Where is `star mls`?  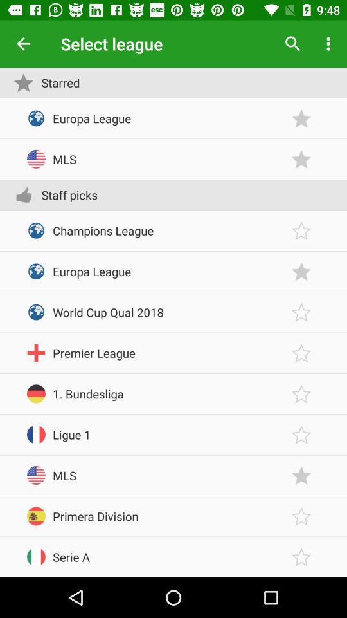
star mls is located at coordinates (301, 474).